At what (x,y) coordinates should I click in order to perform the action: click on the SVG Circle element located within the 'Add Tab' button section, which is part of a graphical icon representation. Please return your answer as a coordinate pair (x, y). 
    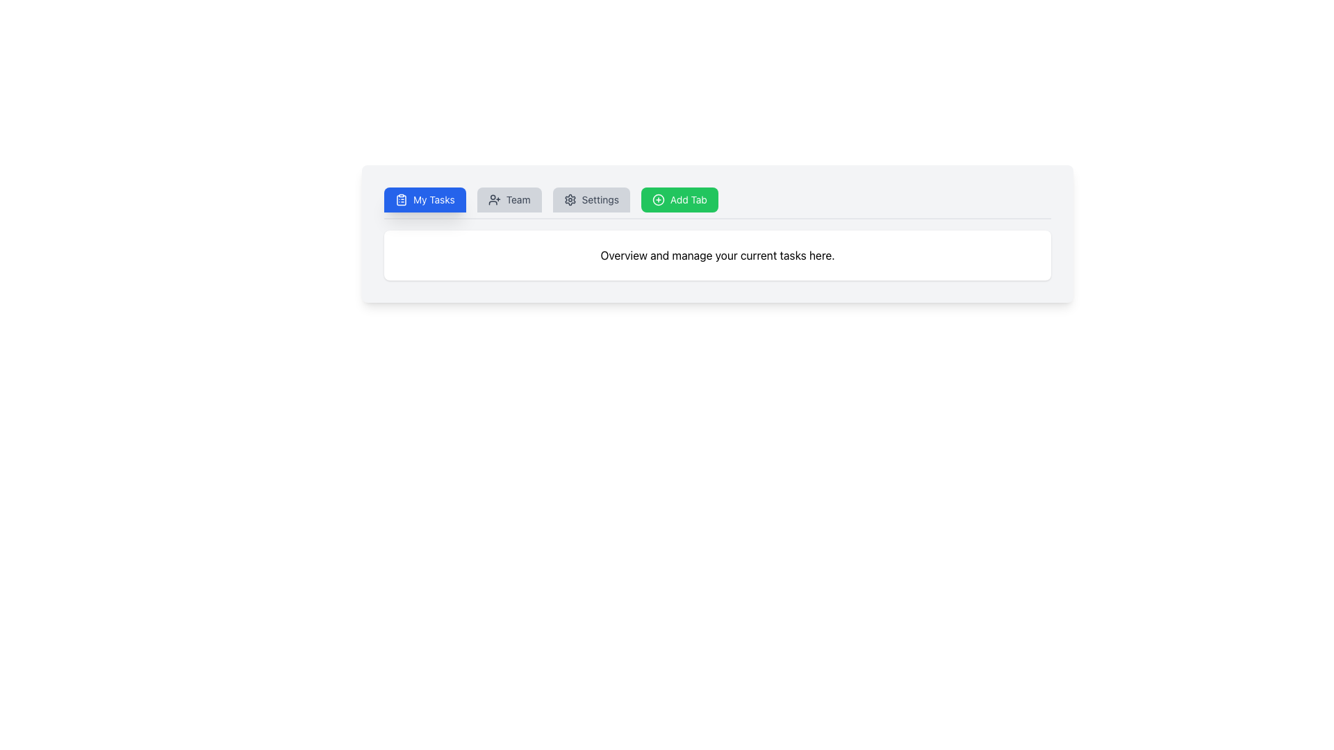
    Looking at the image, I should click on (657, 200).